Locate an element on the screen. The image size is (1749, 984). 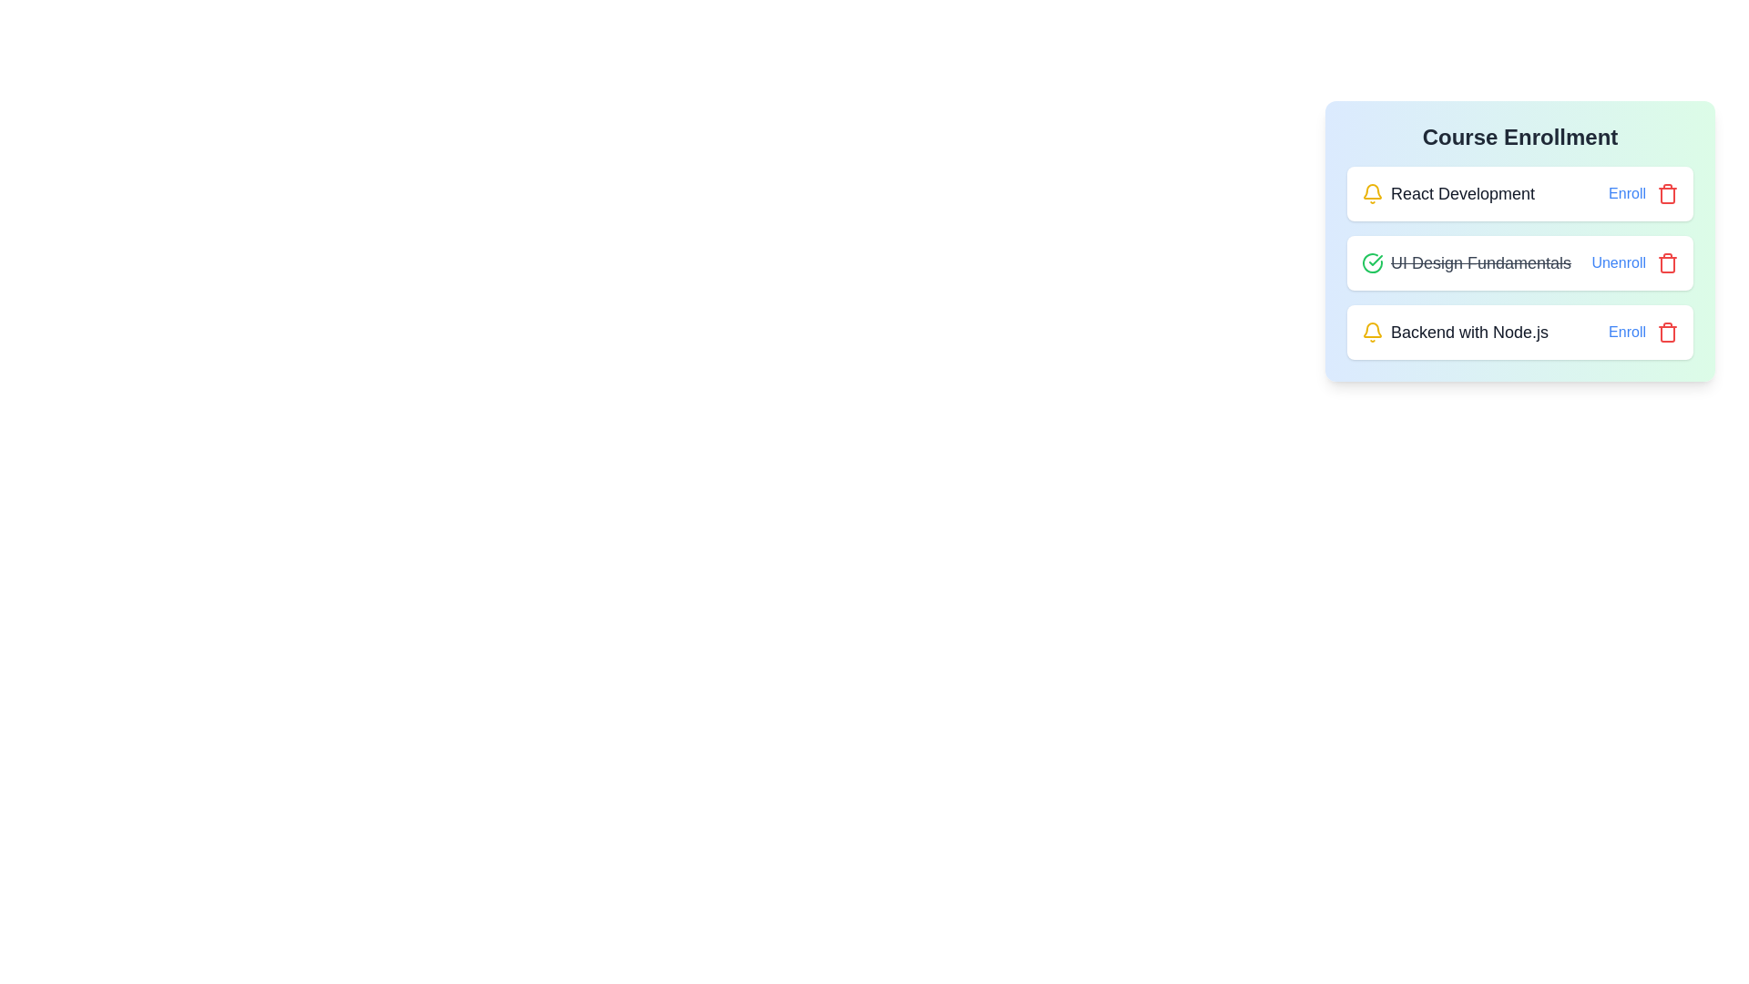
the enrollment toggle button for the course Backend with Node.js is located at coordinates (1627, 333).